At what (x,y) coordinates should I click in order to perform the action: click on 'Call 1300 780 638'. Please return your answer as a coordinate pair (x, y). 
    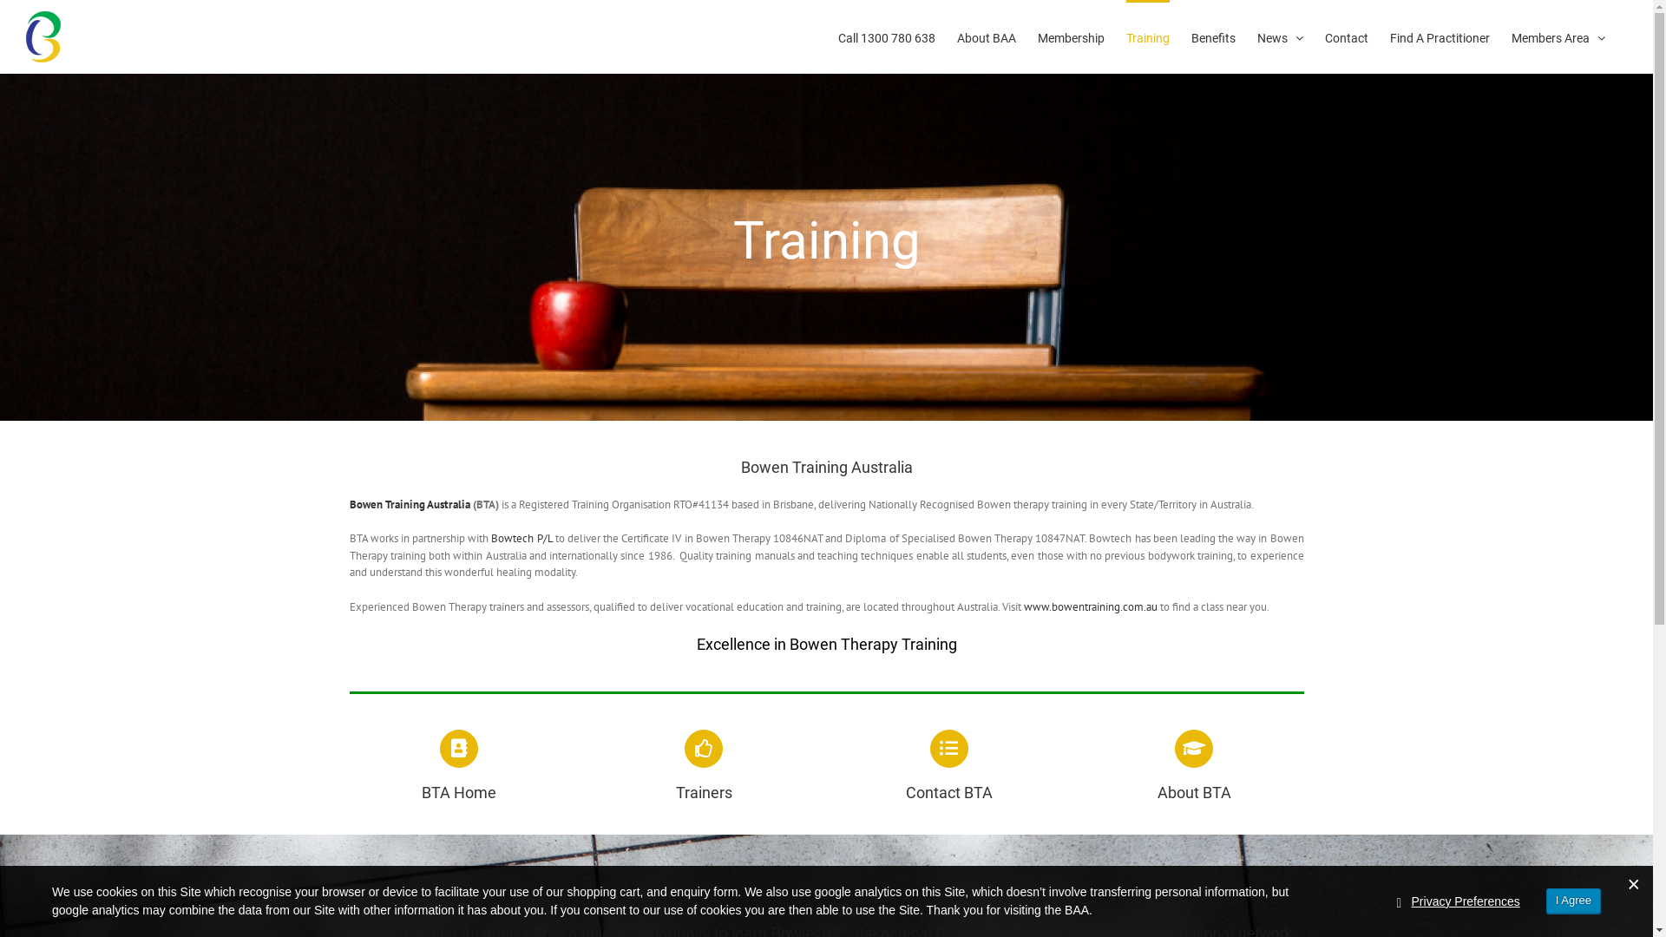
    Looking at the image, I should click on (837, 36).